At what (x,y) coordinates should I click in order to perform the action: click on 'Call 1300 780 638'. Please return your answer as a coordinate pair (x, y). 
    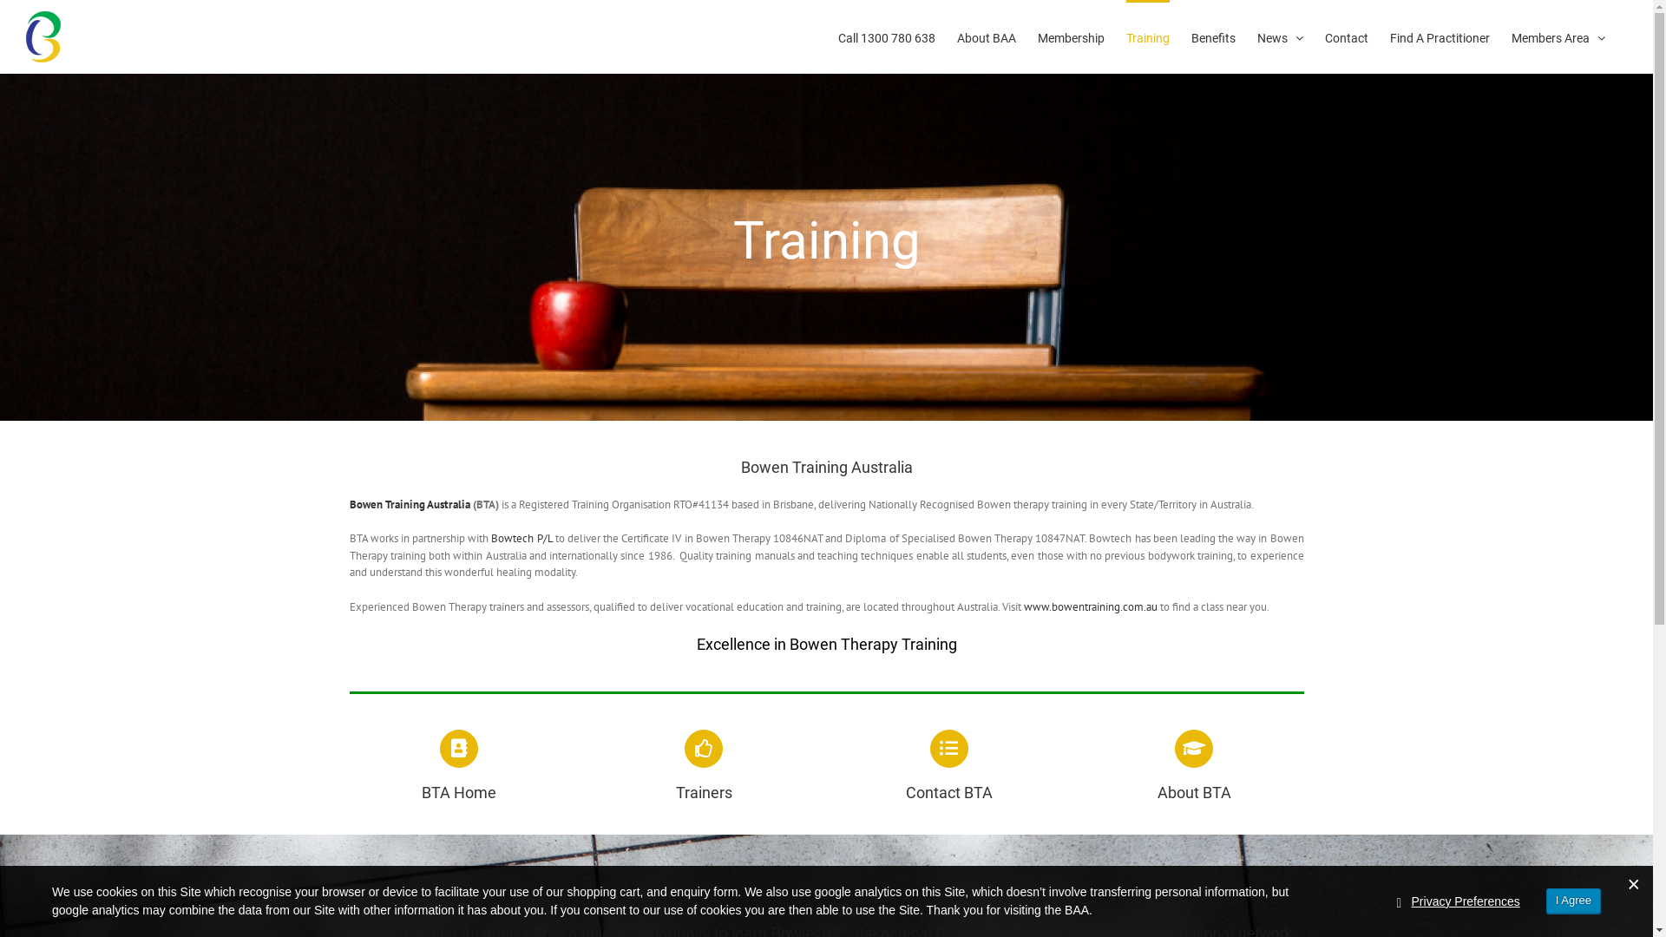
    Looking at the image, I should click on (837, 36).